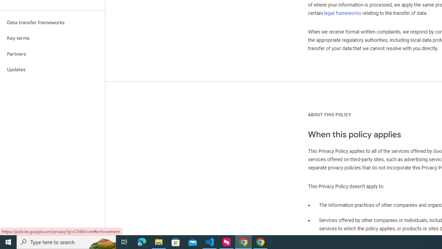 Image resolution: width=442 pixels, height=249 pixels. What do you see at coordinates (52, 38) in the screenshot?
I see `'Key terms'` at bounding box center [52, 38].